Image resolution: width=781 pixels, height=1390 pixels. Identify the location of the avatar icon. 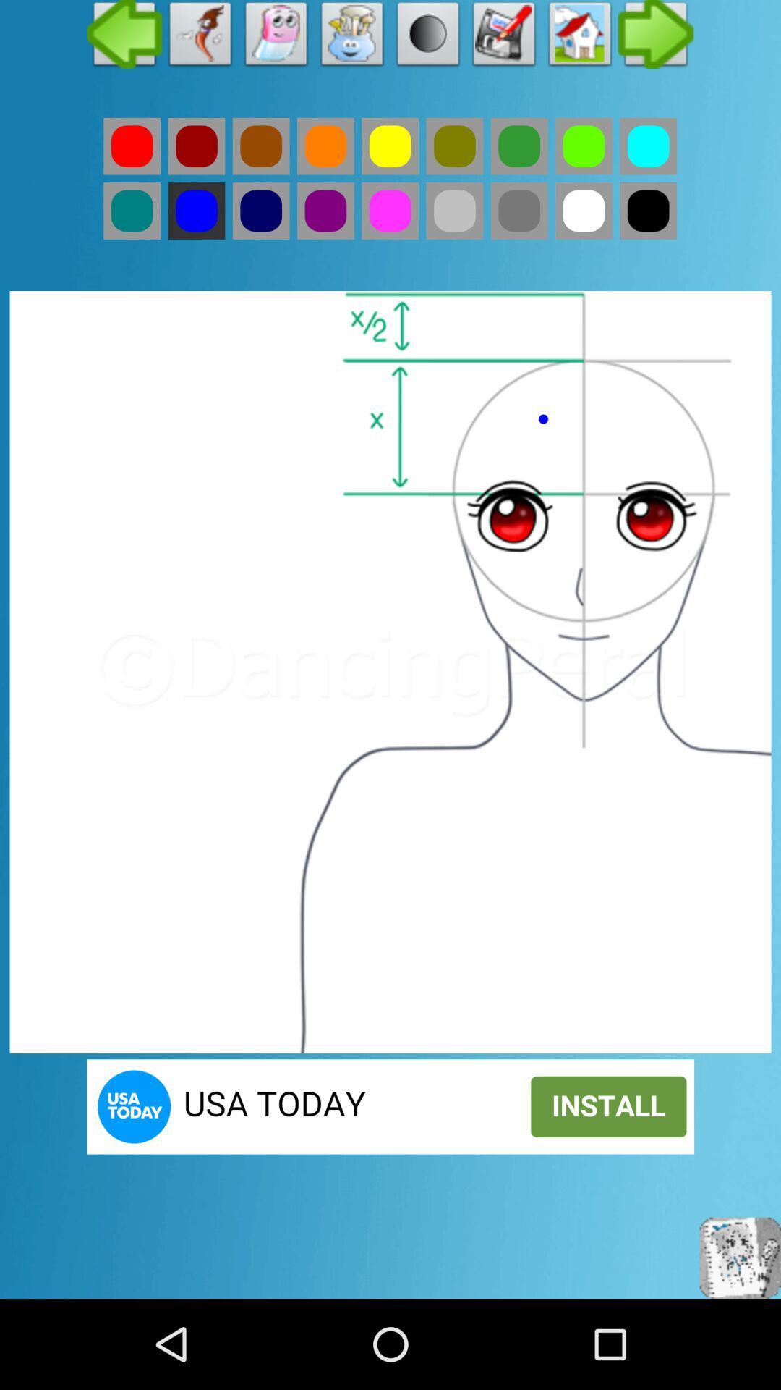
(647, 156).